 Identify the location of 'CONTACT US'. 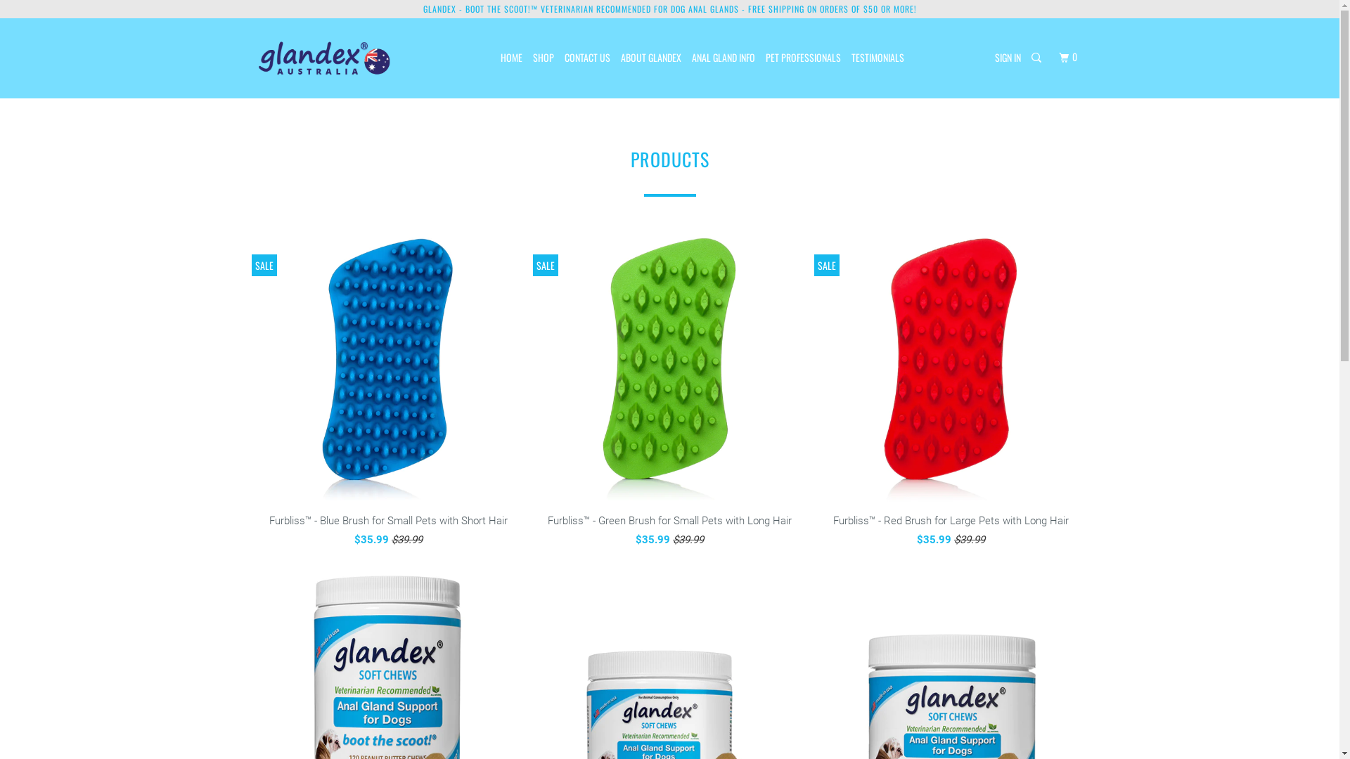
(587, 56).